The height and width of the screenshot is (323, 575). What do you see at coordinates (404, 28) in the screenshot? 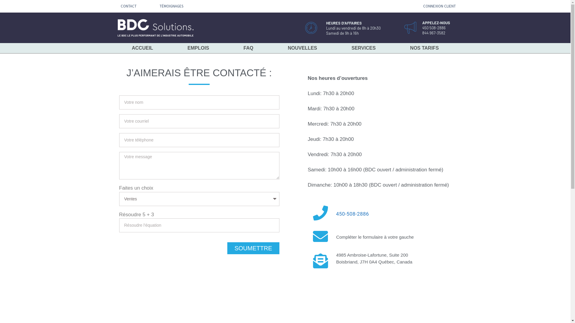
I see `'appelez'` at bounding box center [404, 28].